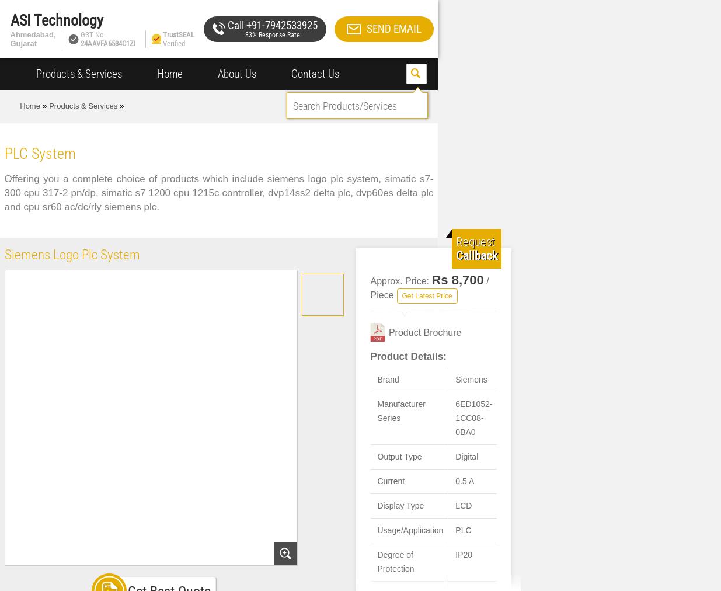 The height and width of the screenshot is (591, 721). Describe the element at coordinates (455, 456) in the screenshot. I see `'Digital'` at that location.